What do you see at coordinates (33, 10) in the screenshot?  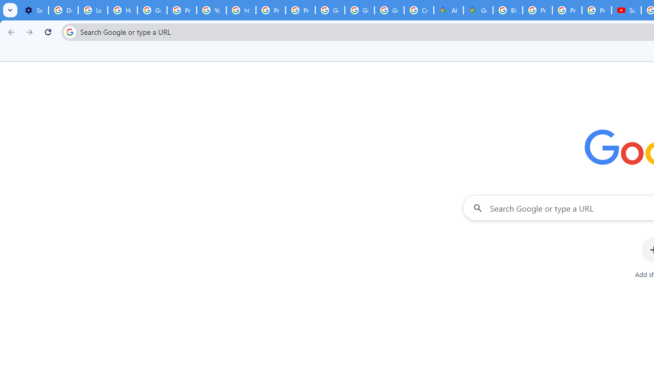 I see `'Settings - Customize profile'` at bounding box center [33, 10].